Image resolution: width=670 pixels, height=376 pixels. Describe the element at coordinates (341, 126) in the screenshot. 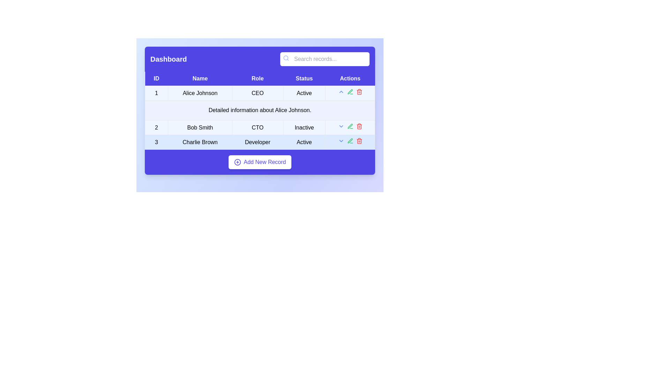

I see `the Icon button in the Actions column for Bob Smith` at that location.